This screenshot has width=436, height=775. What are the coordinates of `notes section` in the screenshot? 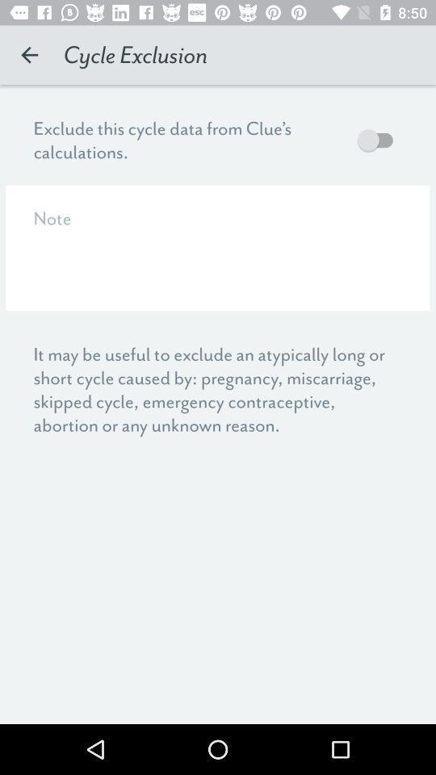 It's located at (218, 248).